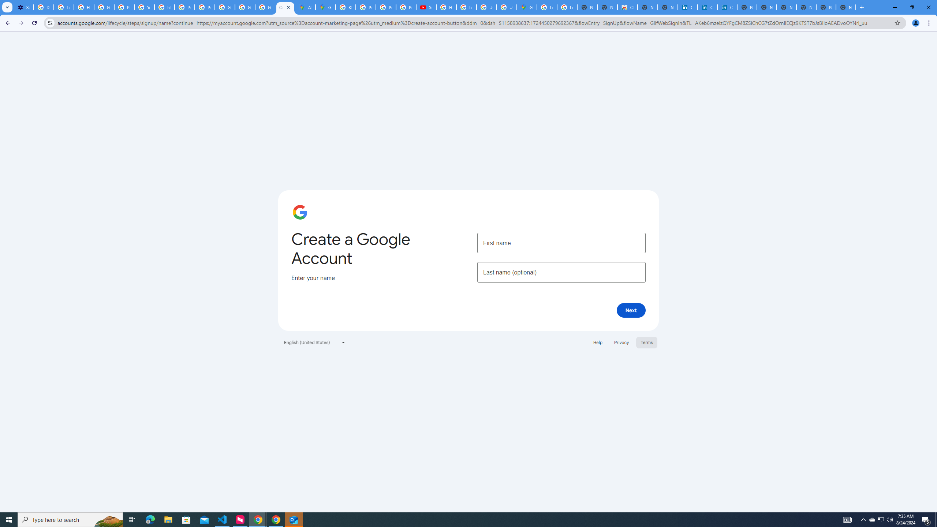 This screenshot has width=937, height=527. Describe the element at coordinates (315, 342) in the screenshot. I see `'English (United States)'` at that location.